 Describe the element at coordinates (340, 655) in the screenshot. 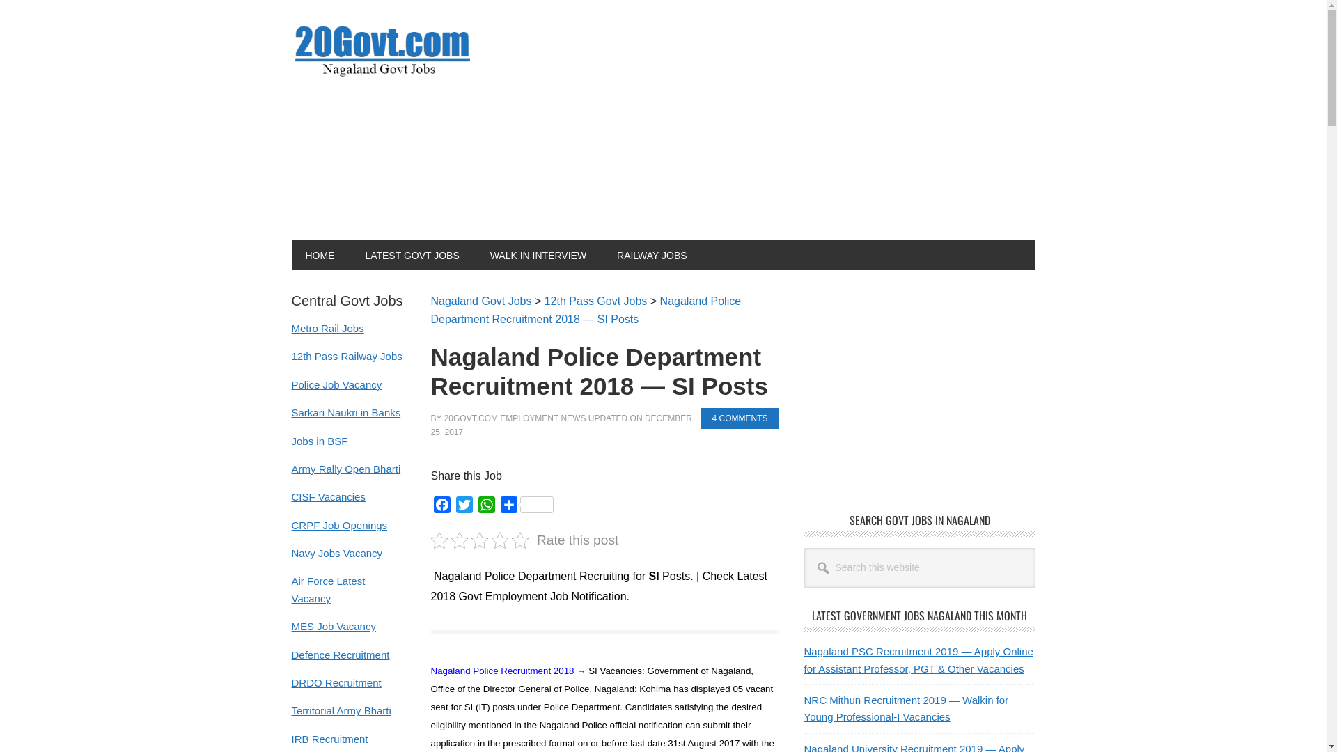

I see `'Defence Recruitment'` at that location.